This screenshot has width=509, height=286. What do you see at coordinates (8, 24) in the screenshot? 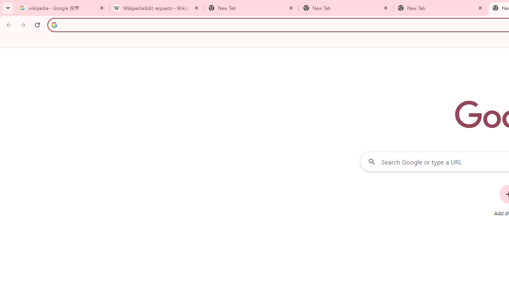
I see `'Back'` at bounding box center [8, 24].